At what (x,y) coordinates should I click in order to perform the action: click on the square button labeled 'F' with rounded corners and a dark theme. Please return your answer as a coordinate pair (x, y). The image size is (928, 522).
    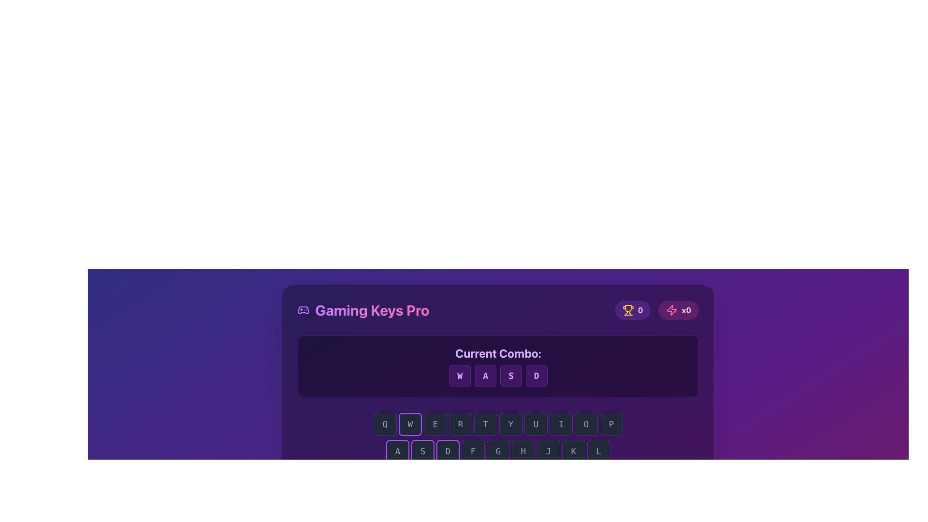
    Looking at the image, I should click on (473, 451).